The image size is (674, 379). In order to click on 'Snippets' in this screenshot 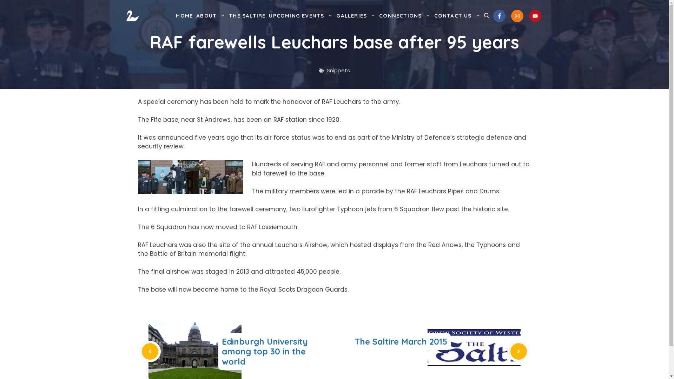, I will do `click(338, 70)`.